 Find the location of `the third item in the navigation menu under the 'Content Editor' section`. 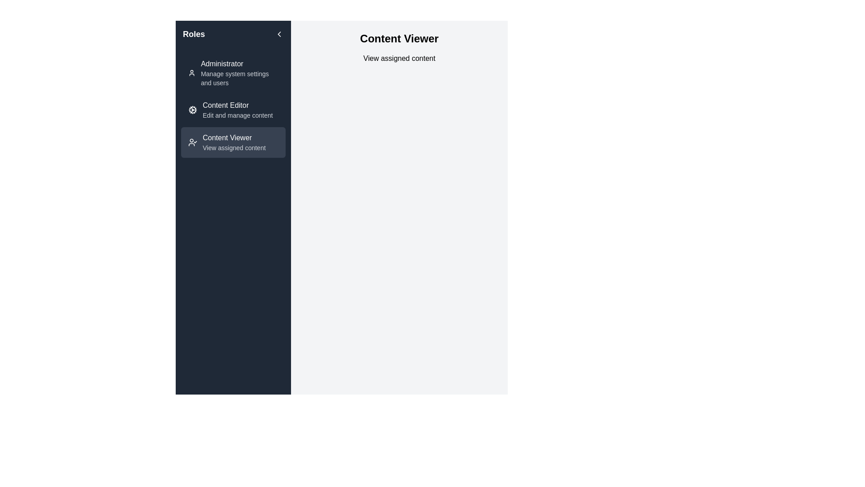

the third item in the navigation menu under the 'Content Editor' section is located at coordinates (234, 142).